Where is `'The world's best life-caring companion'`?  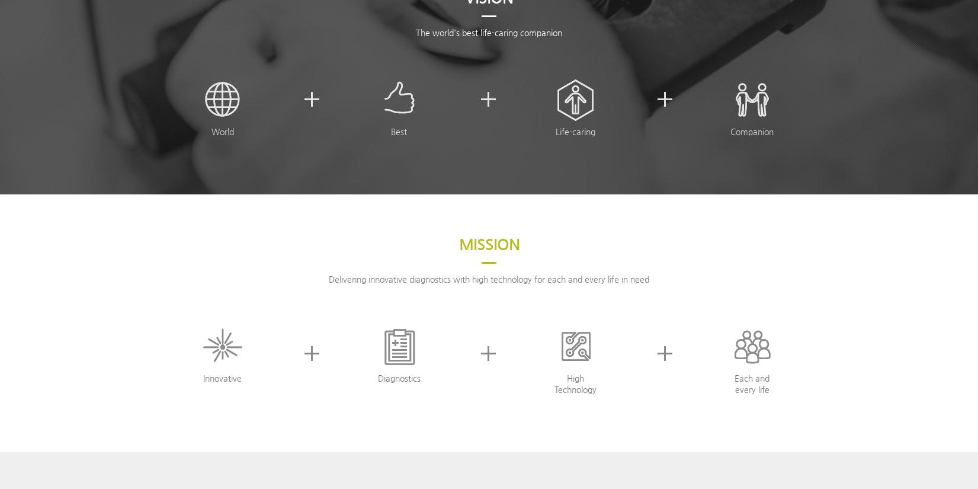
'The world's best life-caring companion' is located at coordinates (489, 33).